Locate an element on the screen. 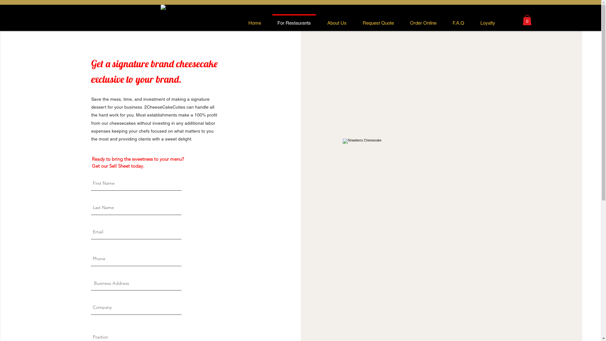 The width and height of the screenshot is (606, 341). '0' is located at coordinates (527, 20).